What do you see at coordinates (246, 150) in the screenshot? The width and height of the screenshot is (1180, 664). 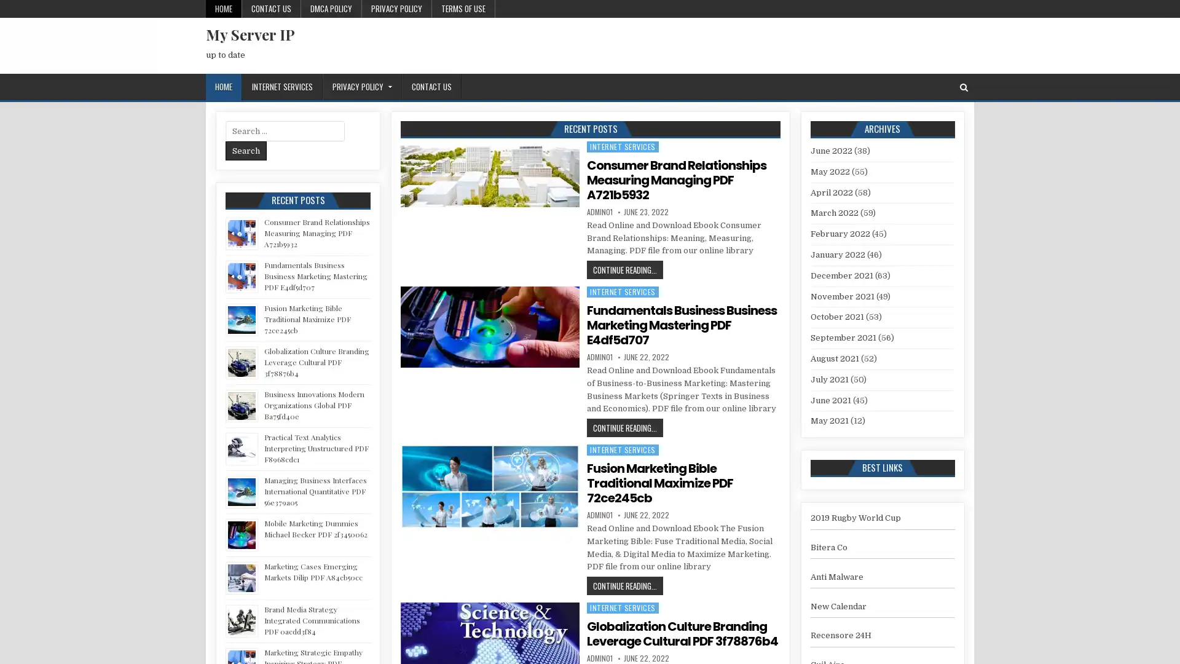 I see `Search` at bounding box center [246, 150].